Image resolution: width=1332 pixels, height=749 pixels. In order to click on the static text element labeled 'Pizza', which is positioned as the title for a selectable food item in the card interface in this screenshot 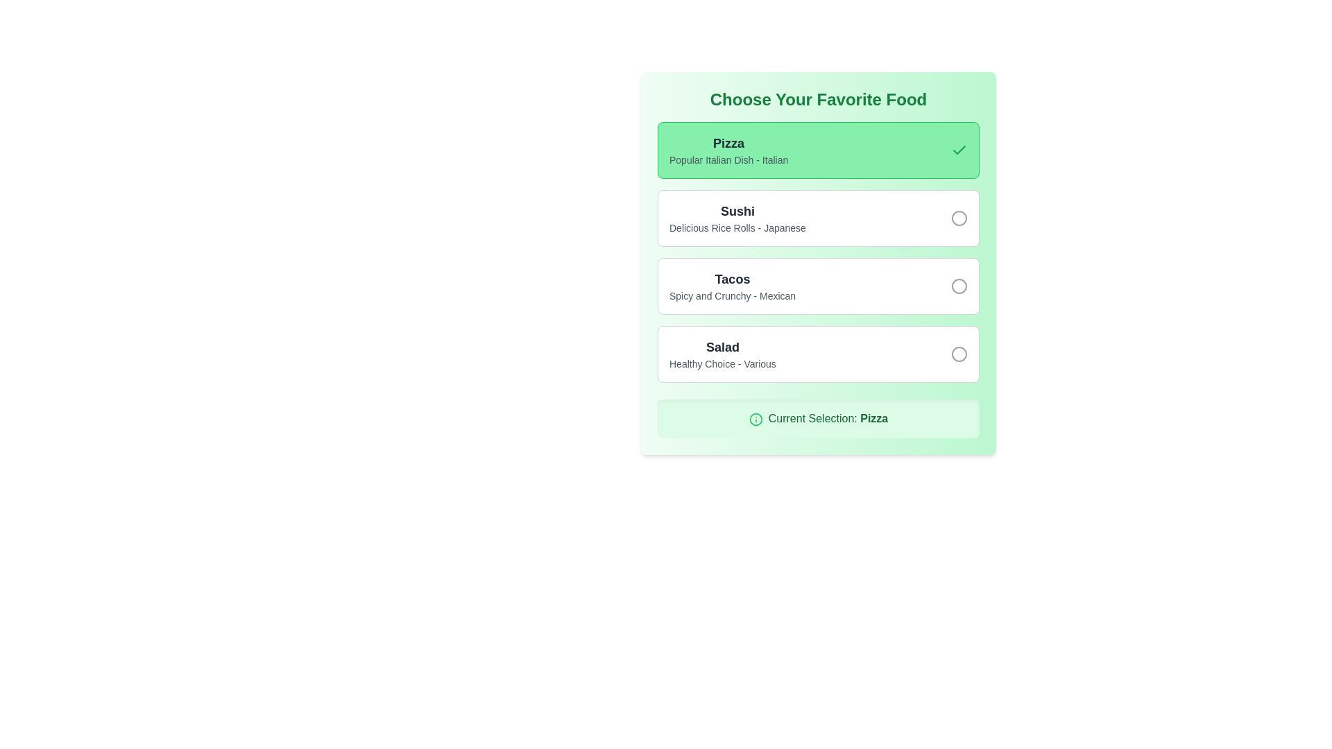, I will do `click(728, 144)`.